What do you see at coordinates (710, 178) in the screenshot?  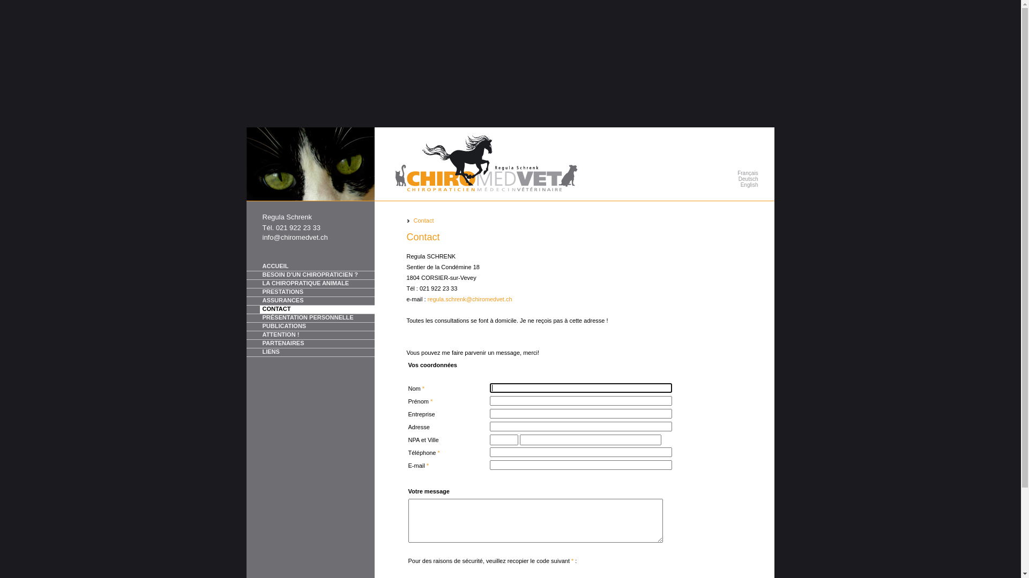 I see `'Deutsch'` at bounding box center [710, 178].